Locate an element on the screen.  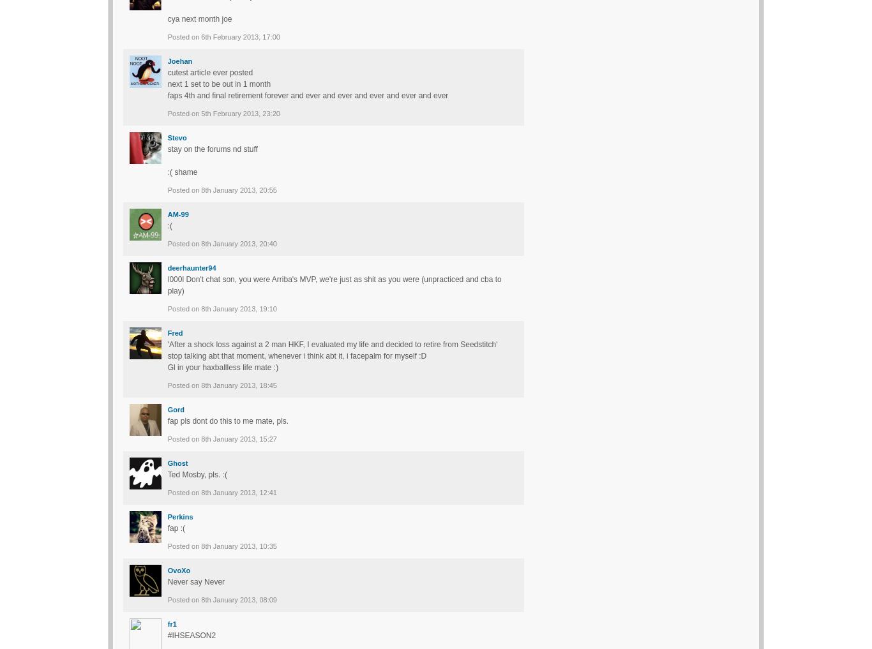
'AM-99' is located at coordinates (177, 214).